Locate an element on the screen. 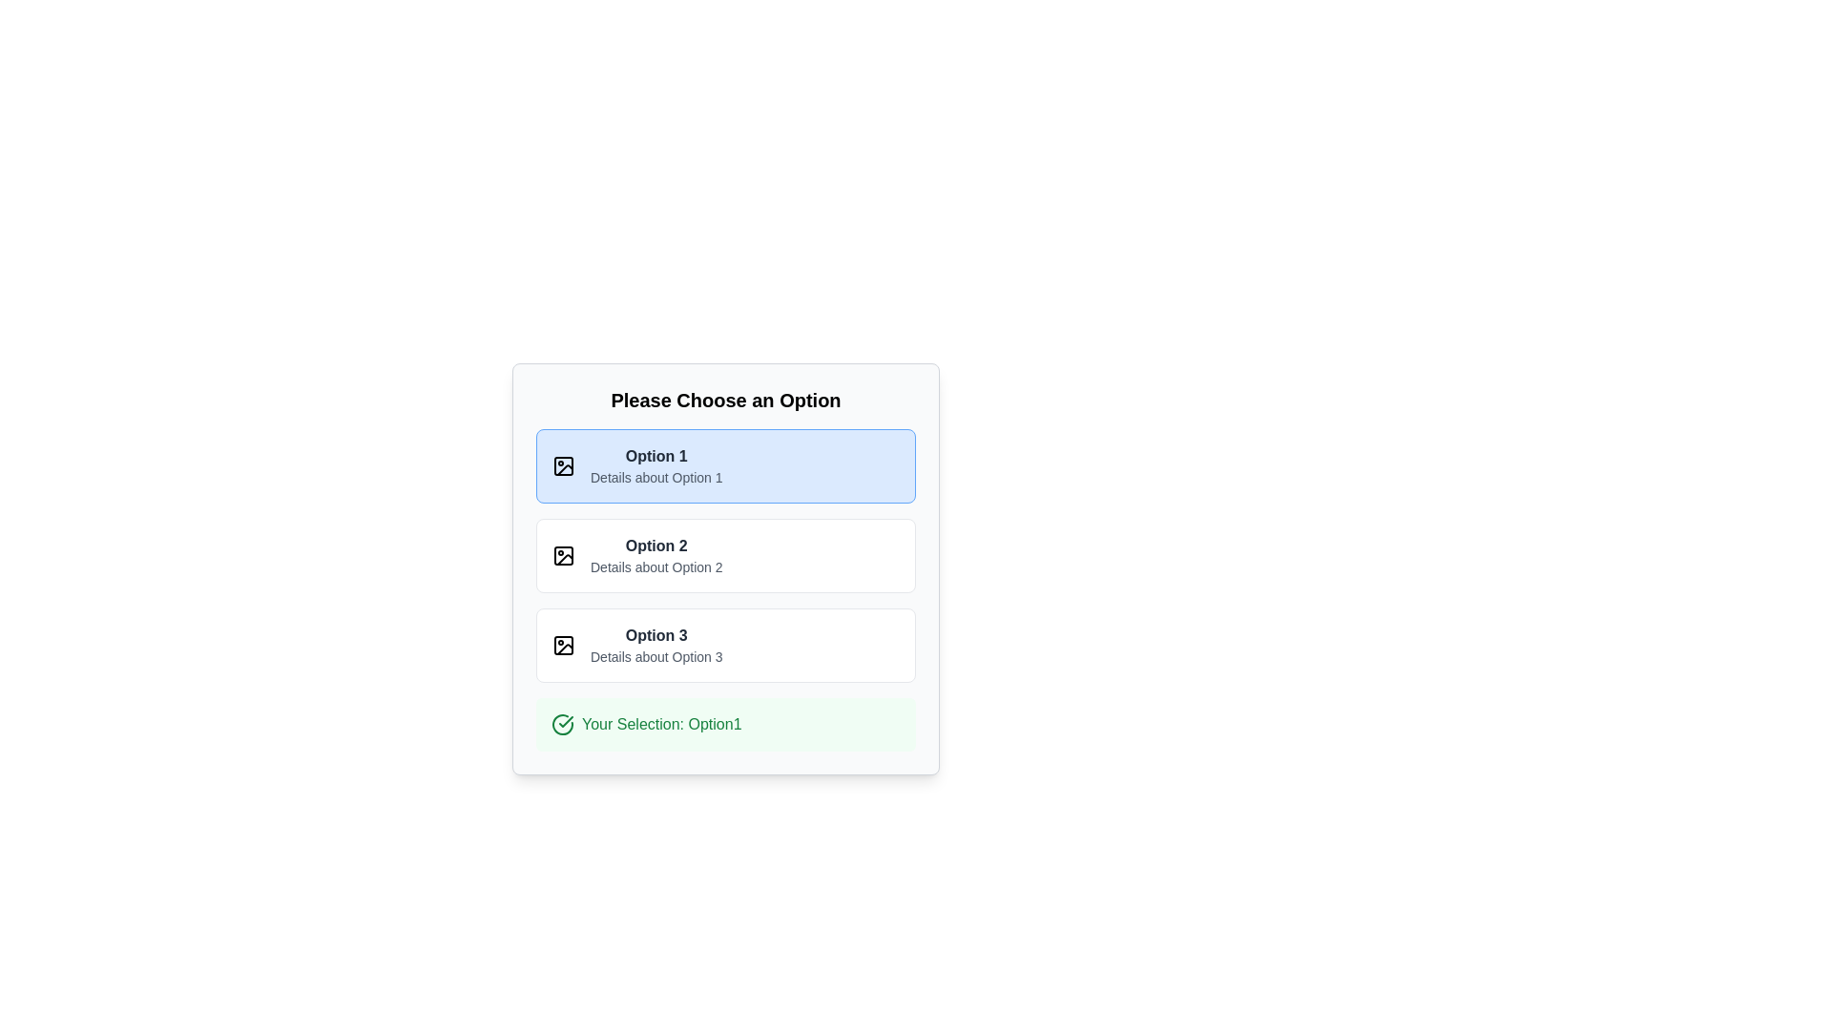 The image size is (1832, 1030). the icon representing 'Option 2', located at the leftmost side of the 'Option 2' section, to engage with the surrounding option is located at coordinates (562, 555).